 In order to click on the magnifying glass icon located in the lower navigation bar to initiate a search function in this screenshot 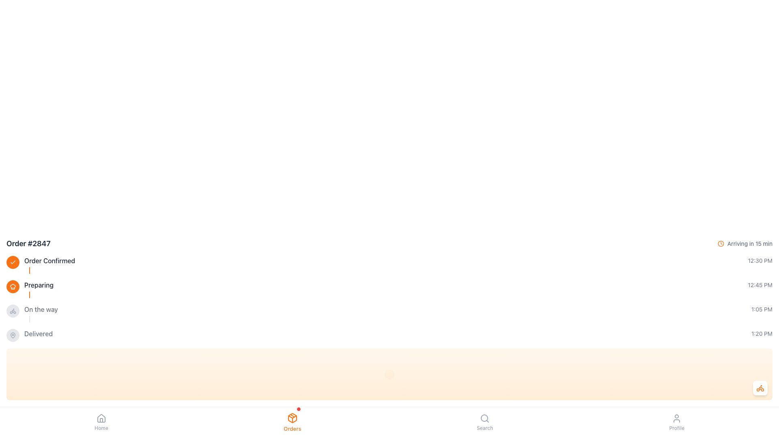, I will do `click(485, 419)`.